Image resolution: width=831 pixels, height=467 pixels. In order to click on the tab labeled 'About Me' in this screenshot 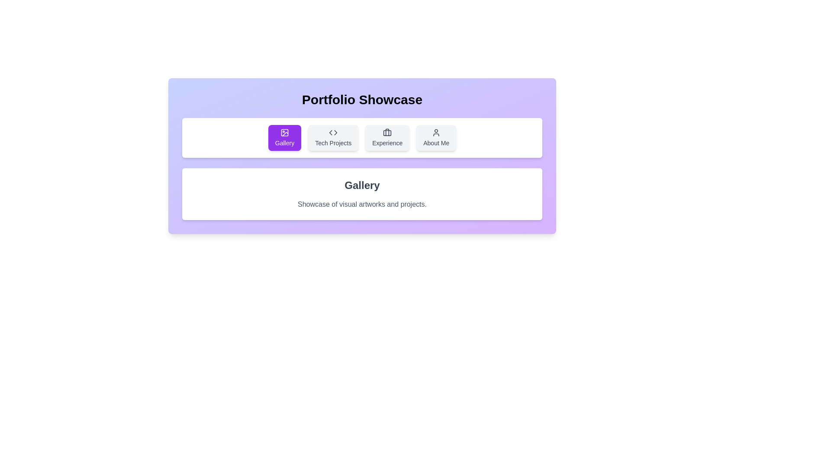, I will do `click(436, 138)`.